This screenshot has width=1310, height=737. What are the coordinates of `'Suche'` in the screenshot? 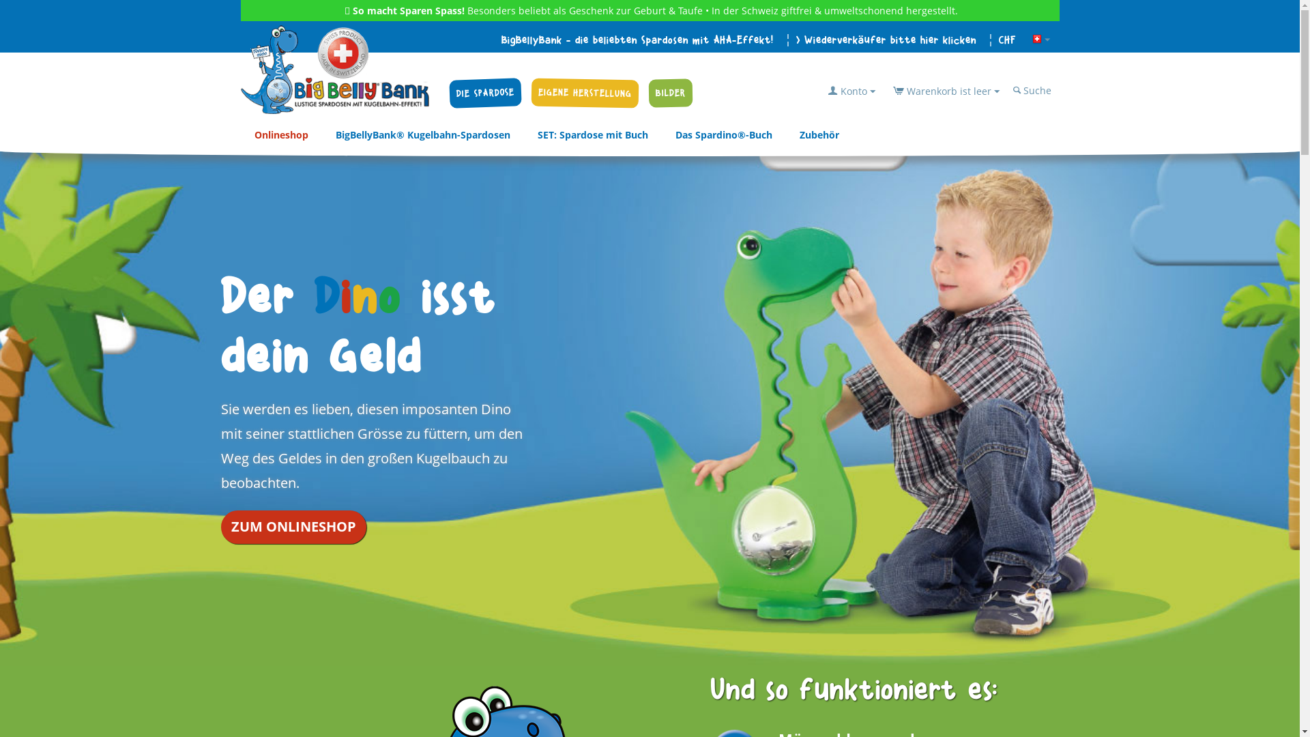 It's located at (1033, 90).